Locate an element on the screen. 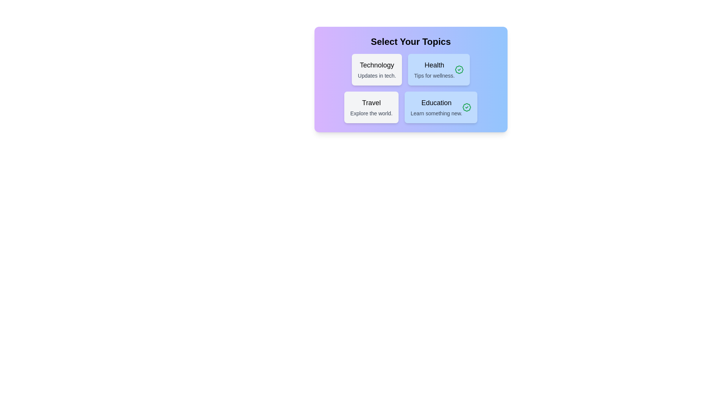 This screenshot has width=724, height=407. the chip labeled Health to observe the hover effect is located at coordinates (439, 70).